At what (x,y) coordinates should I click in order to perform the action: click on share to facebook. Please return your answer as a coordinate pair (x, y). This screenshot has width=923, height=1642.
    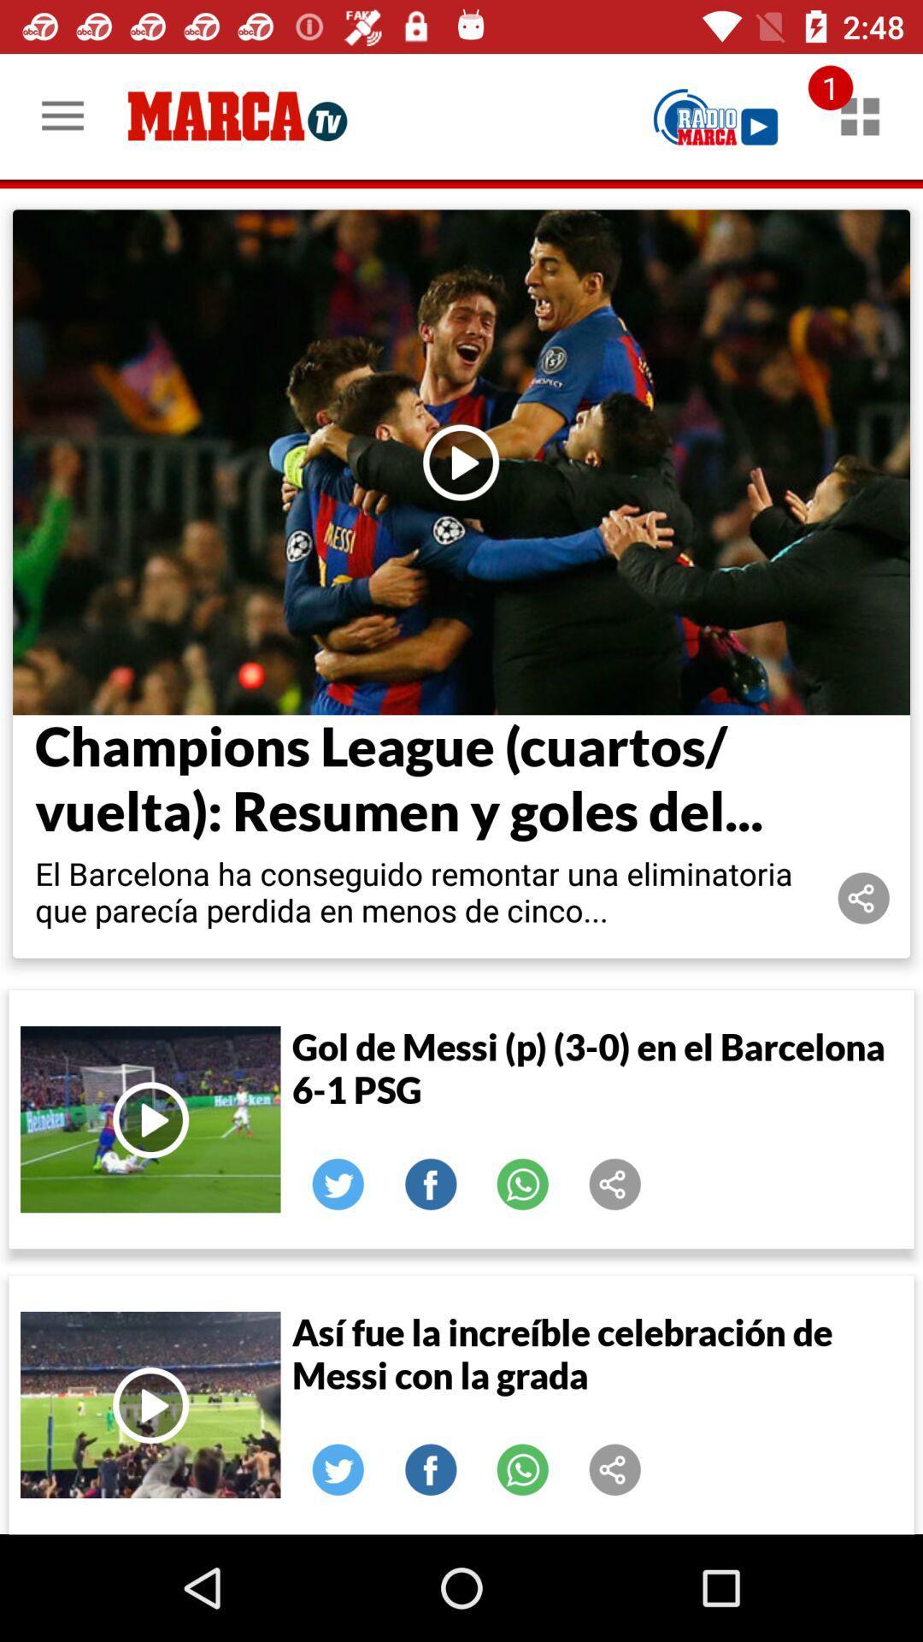
    Looking at the image, I should click on (430, 1184).